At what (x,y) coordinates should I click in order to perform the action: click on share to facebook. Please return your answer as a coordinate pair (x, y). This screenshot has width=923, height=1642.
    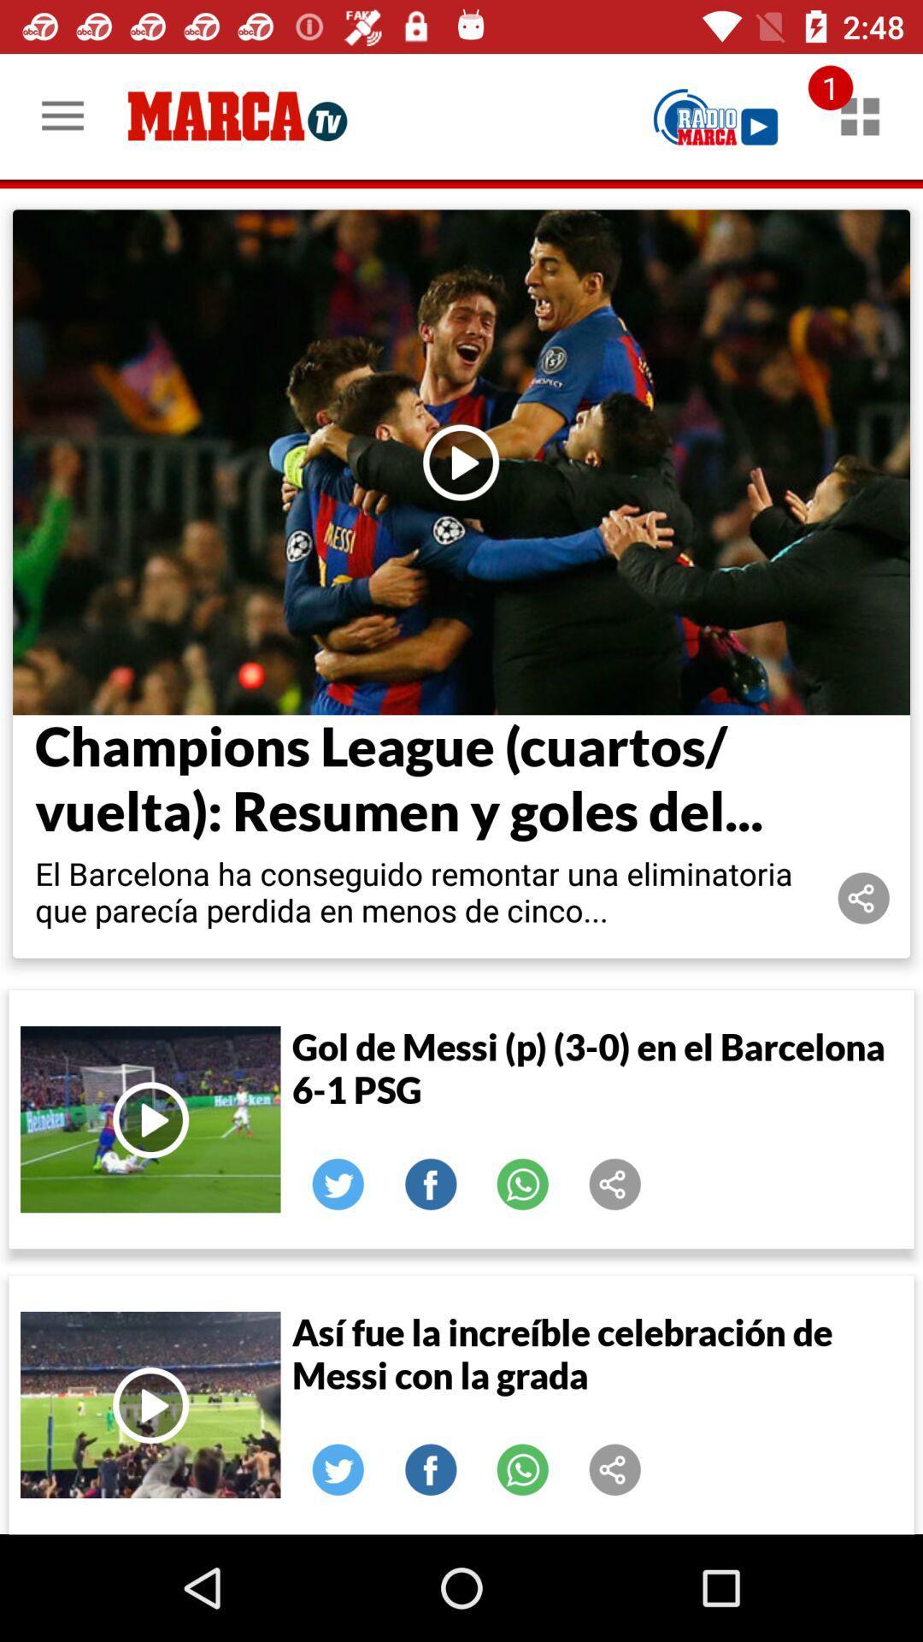
    Looking at the image, I should click on (430, 1184).